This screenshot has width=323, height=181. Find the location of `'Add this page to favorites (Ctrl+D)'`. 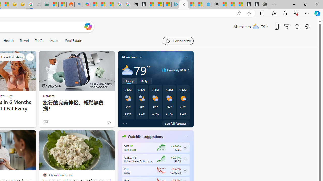

'Add this page to favorites (Ctrl+D)' is located at coordinates (249, 13).